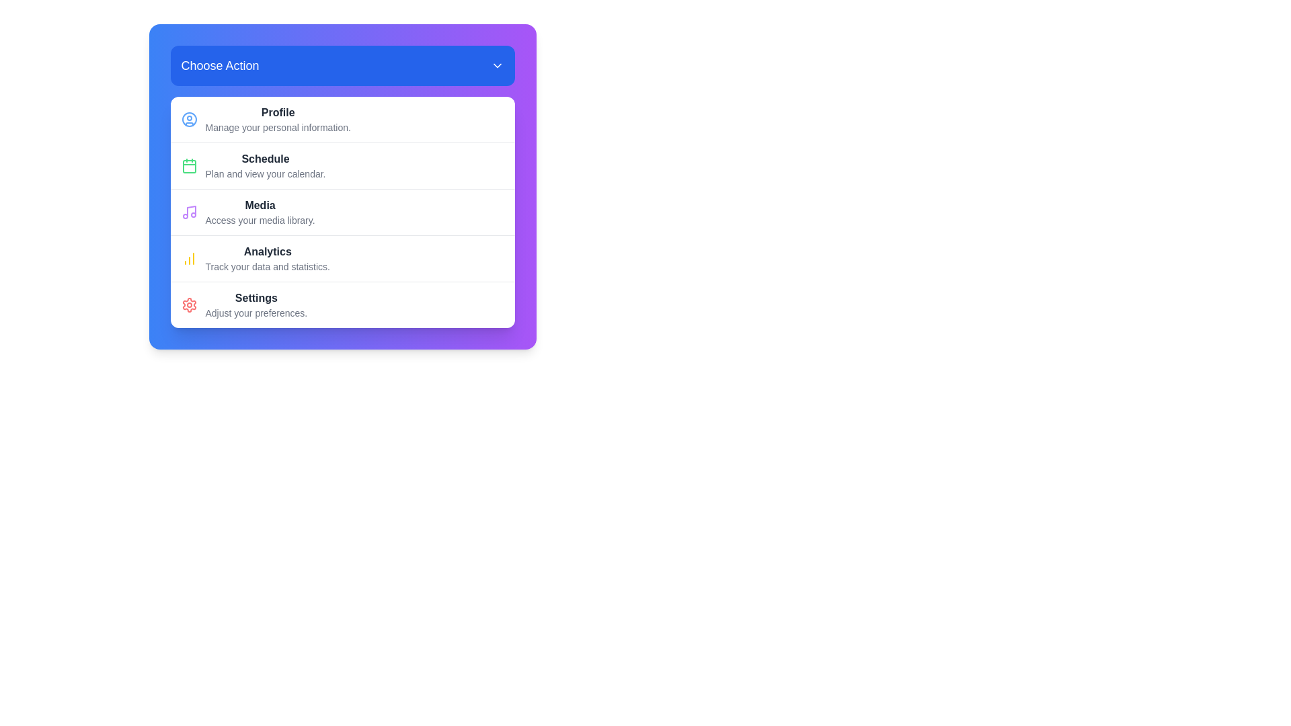 The image size is (1291, 726). I want to click on the static text element that reads 'Manage your personal information.' located beneath the 'Profile' heading in the menu card, so click(277, 127).